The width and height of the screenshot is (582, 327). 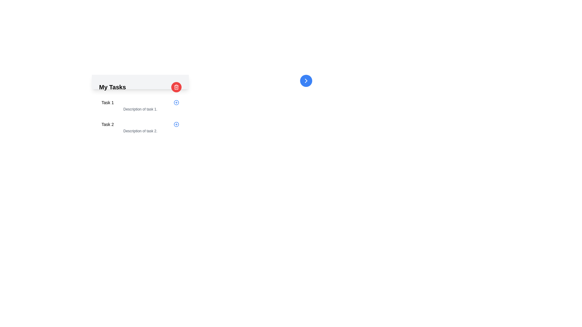 I want to click on the rightward pointing chevron icon within the task listing interface, so click(x=306, y=80).